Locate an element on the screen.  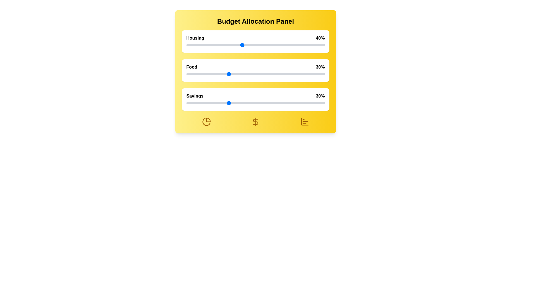
the slider is located at coordinates (219, 103).